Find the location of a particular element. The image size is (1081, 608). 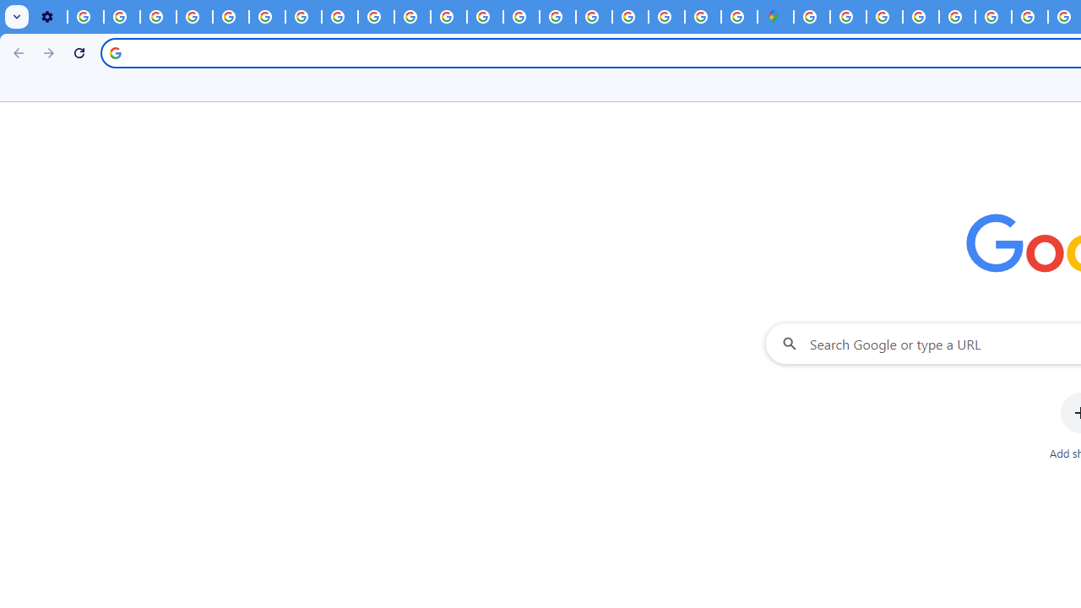

'Sign in - Google Accounts' is located at coordinates (848, 17).